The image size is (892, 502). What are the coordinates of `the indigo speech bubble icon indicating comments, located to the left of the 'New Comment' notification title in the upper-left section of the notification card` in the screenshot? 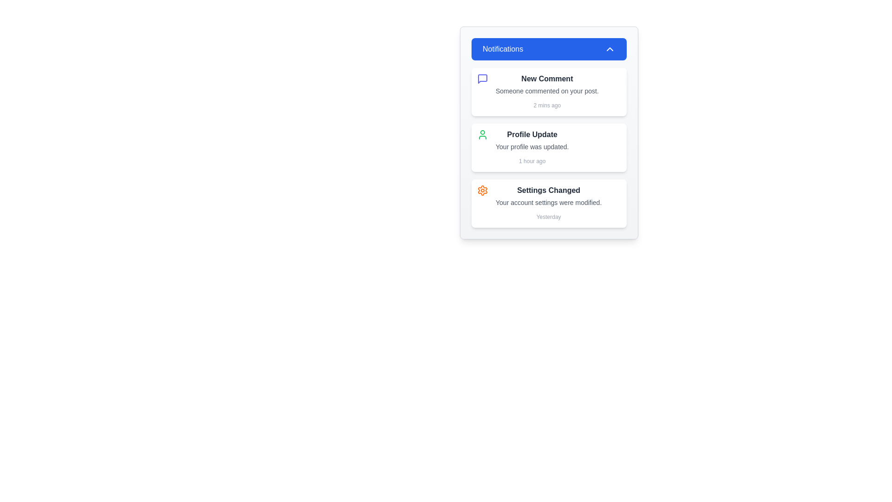 It's located at (482, 78).